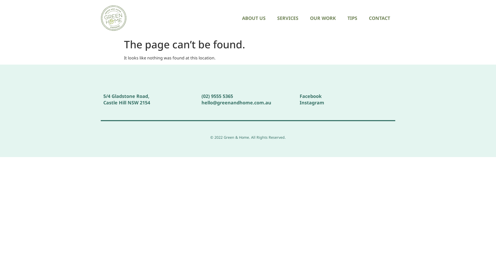  Describe the element at coordinates (322, 18) in the screenshot. I see `'OUR WORK'` at that location.